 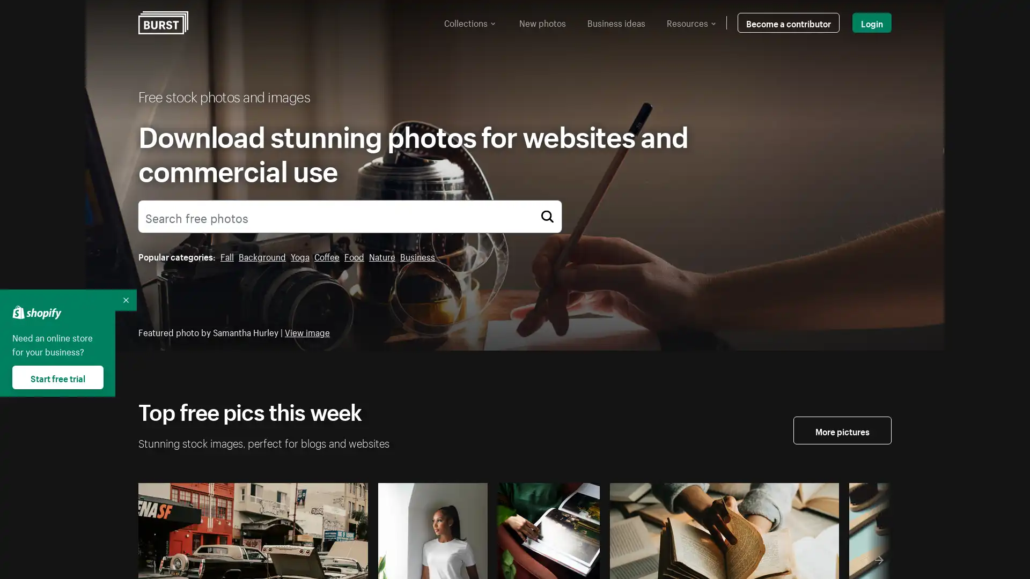 I want to click on Resources, so click(x=691, y=22).